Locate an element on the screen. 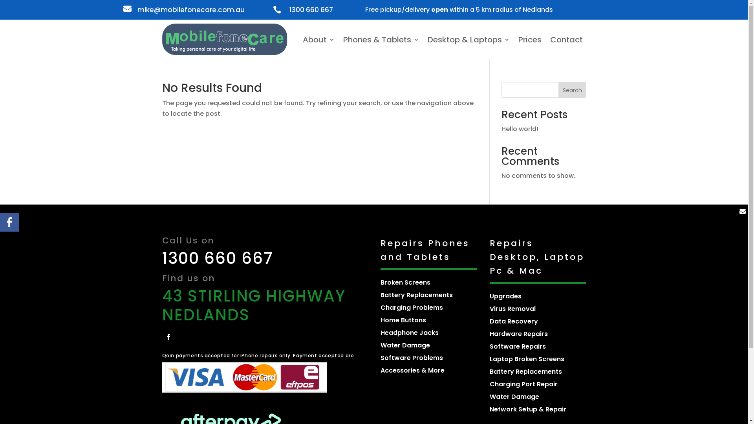 Image resolution: width=754 pixels, height=424 pixels. 'Hello world!' is located at coordinates (520, 128).